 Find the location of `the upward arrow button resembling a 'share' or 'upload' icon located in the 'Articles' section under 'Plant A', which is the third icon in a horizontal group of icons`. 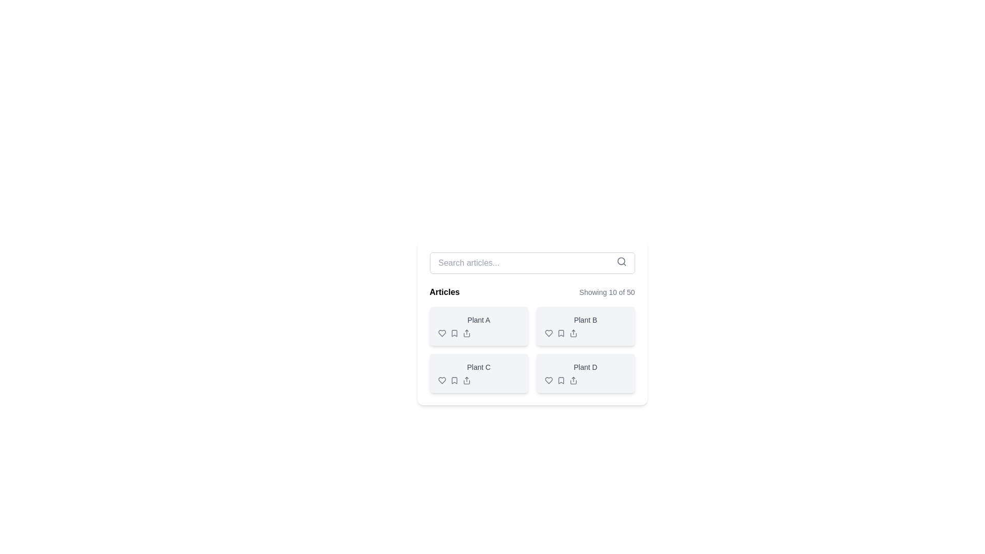

the upward arrow button resembling a 'share' or 'upload' icon located in the 'Articles' section under 'Plant A', which is the third icon in a horizontal group of icons is located at coordinates (466, 333).